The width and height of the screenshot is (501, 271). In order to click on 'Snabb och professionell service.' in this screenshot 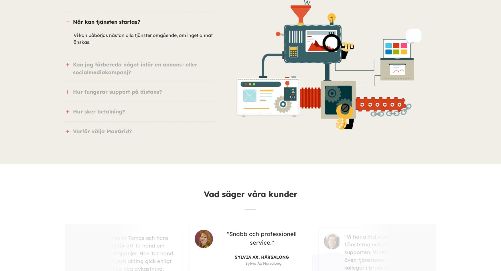, I will do `click(96, 239)`.